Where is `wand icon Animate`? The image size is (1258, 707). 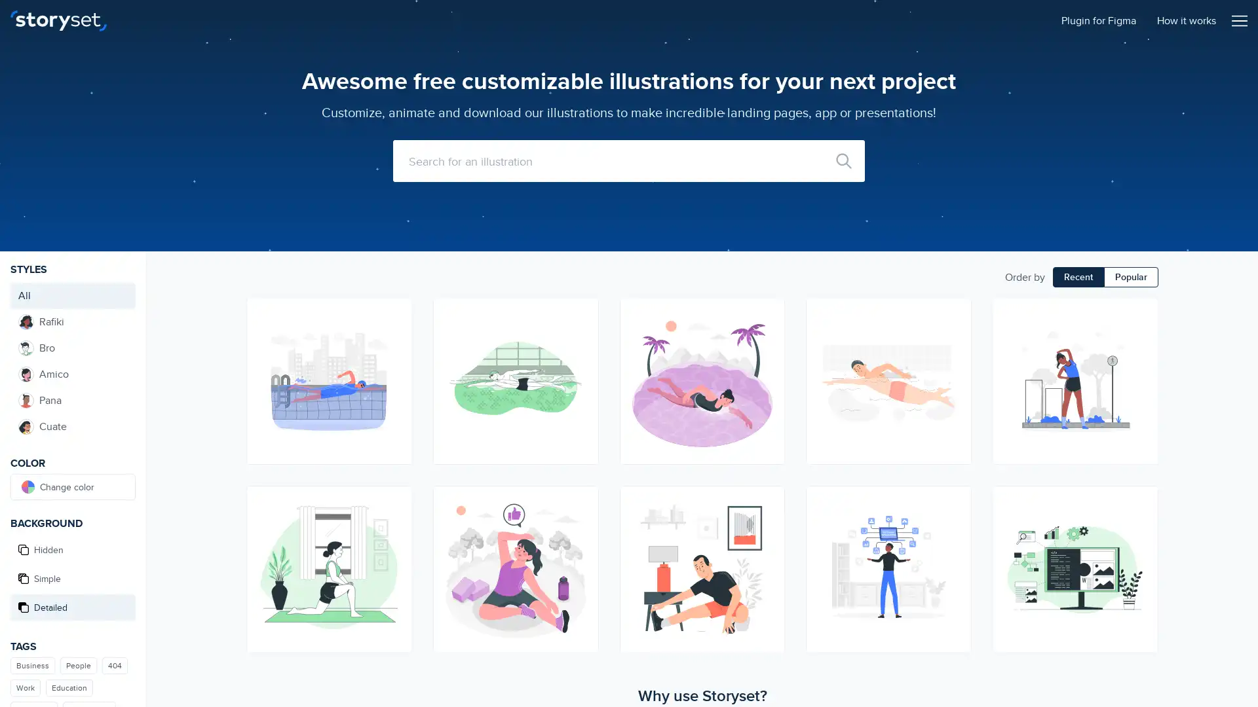
wand icon Animate is located at coordinates (768, 314).